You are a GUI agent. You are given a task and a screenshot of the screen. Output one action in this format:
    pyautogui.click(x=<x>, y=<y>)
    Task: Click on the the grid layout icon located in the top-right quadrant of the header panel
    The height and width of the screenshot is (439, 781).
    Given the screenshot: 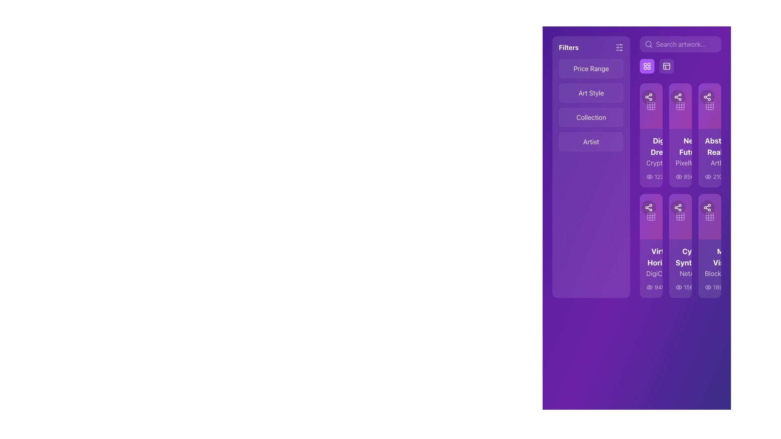 What is the action you would take?
    pyautogui.click(x=666, y=65)
    